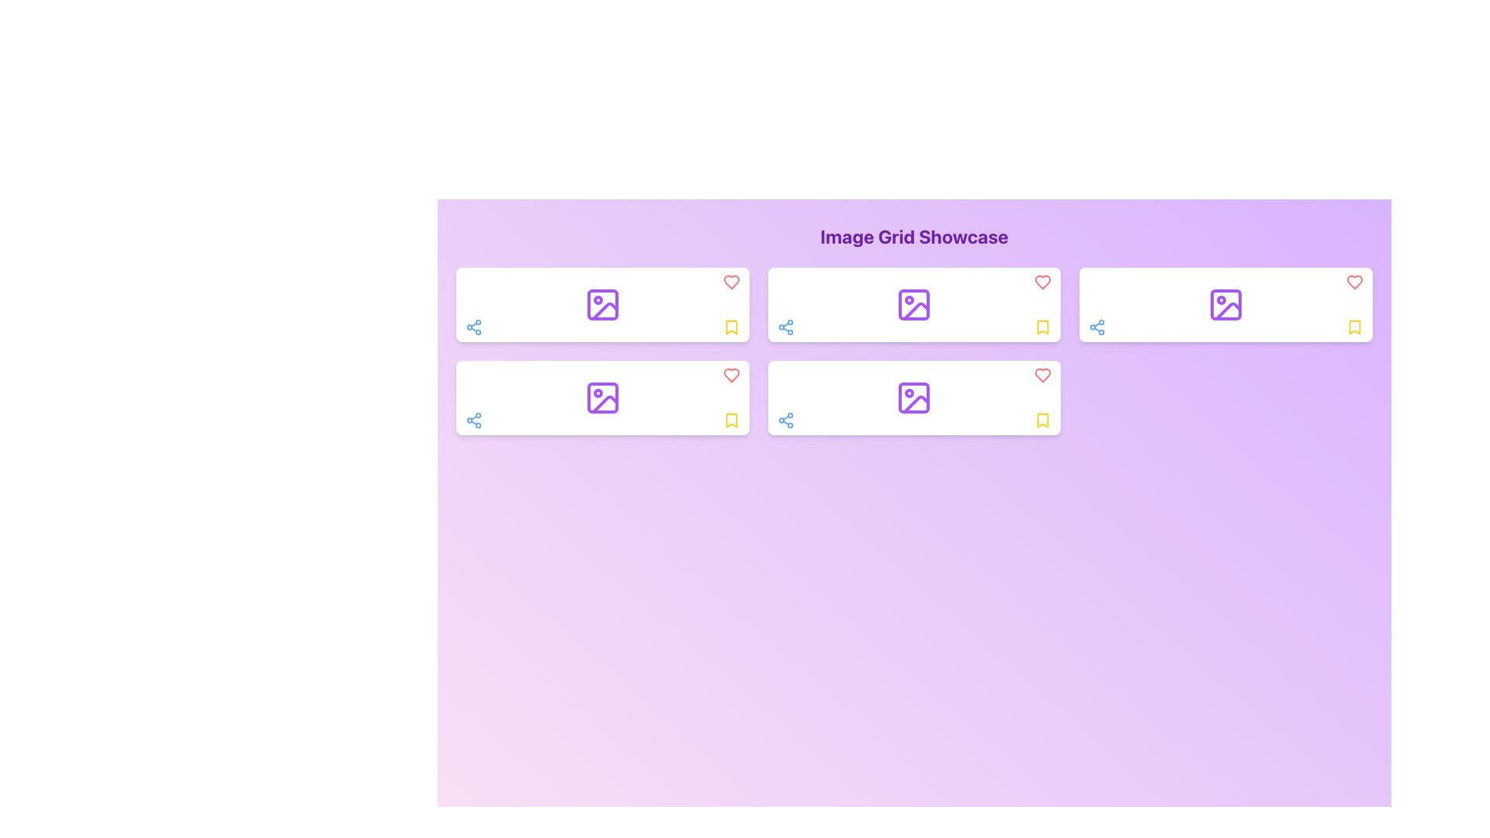 This screenshot has height=838, width=1490. What do you see at coordinates (1354, 282) in the screenshot?
I see `the heart icon button outlined in red located in the top-right corner of the fifth card in the grid layout to like or unlike the associated content` at bounding box center [1354, 282].